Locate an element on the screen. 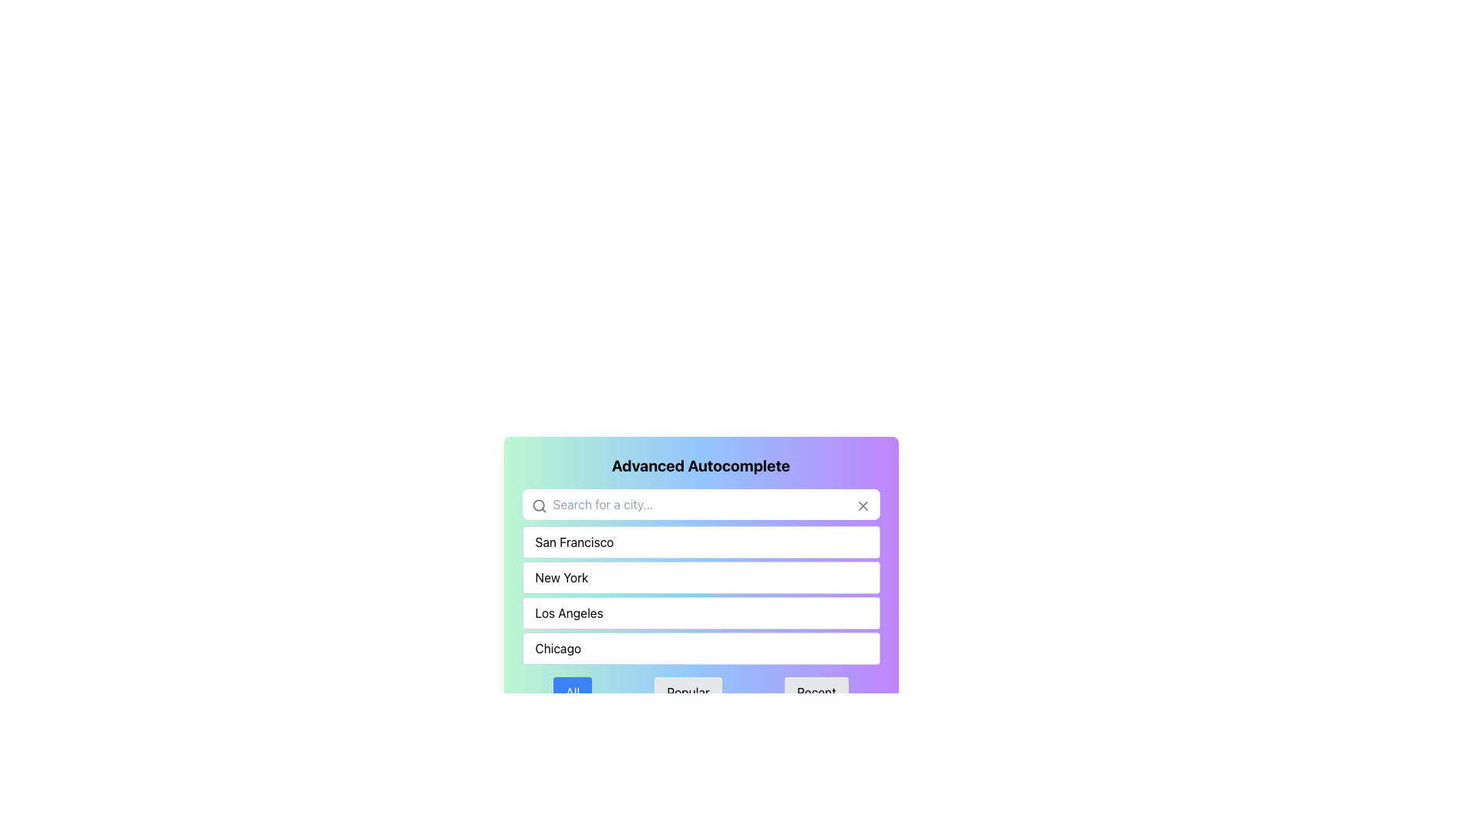  to select the 'Chicago' option in the dropdown list, which is the fourth item below 'Los Angeles' is located at coordinates (700, 648).